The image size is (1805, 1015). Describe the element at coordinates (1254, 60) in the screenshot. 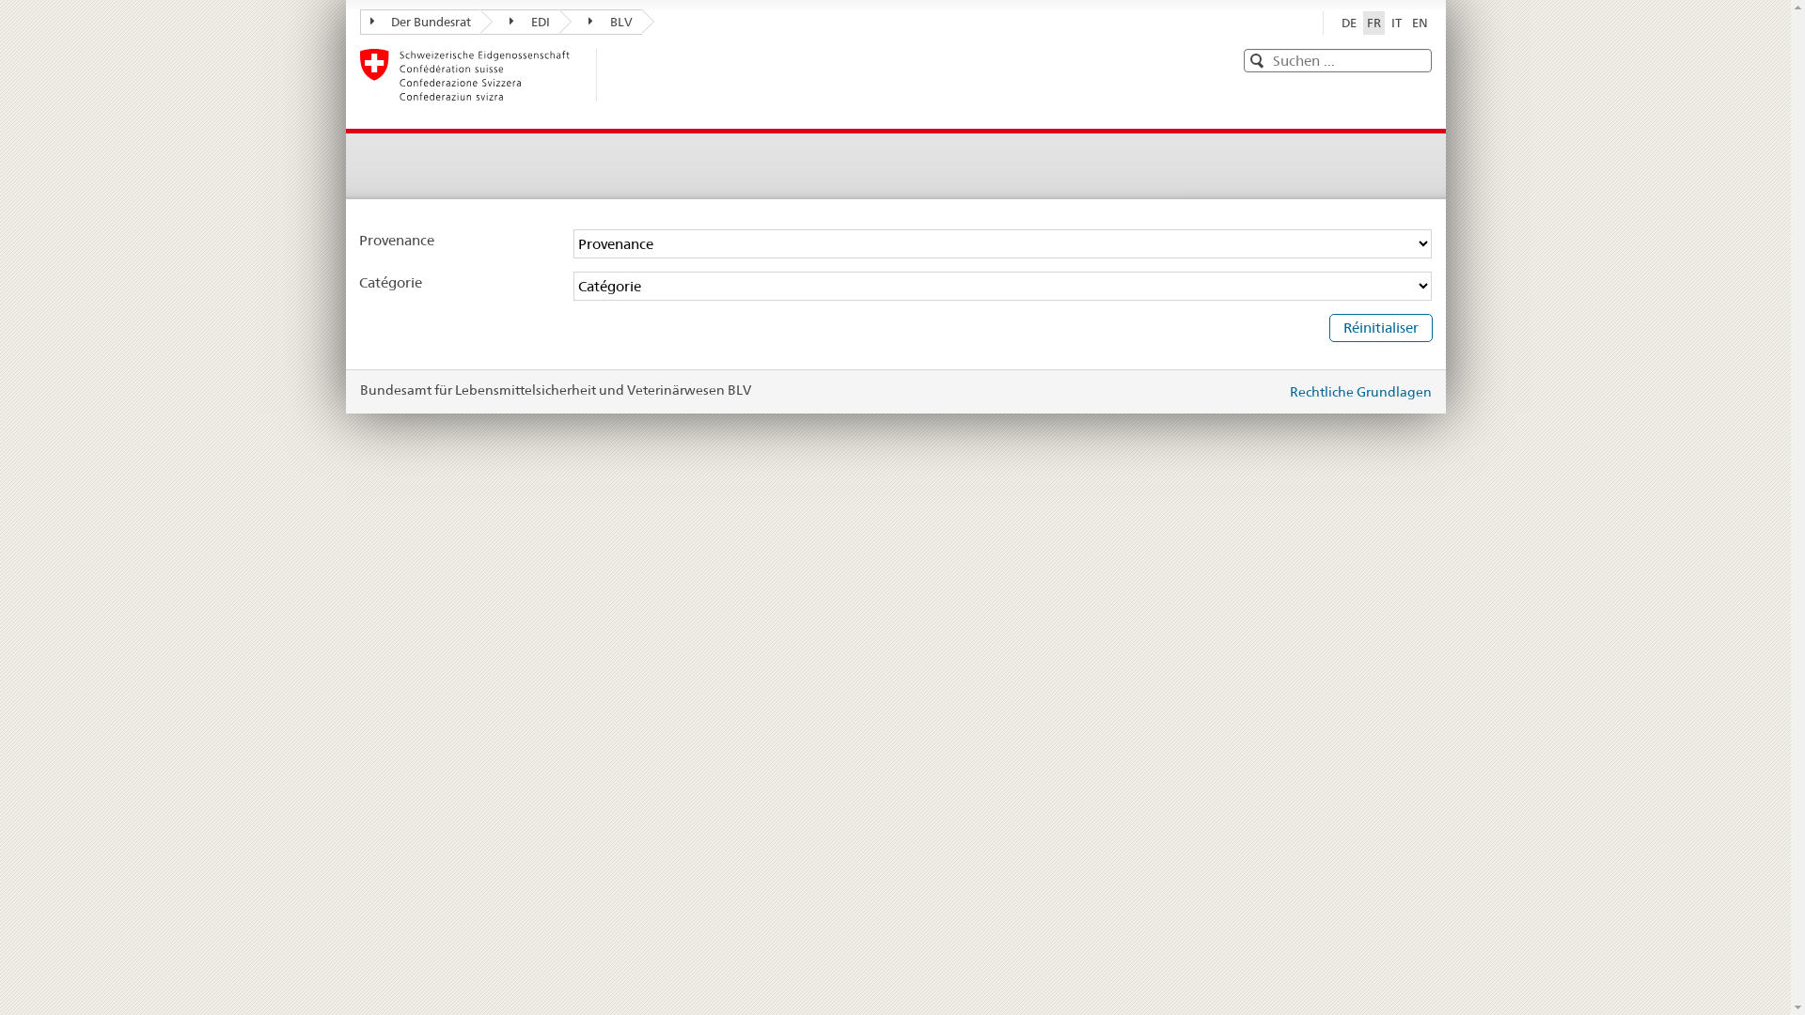

I see `'Suchen'` at that location.